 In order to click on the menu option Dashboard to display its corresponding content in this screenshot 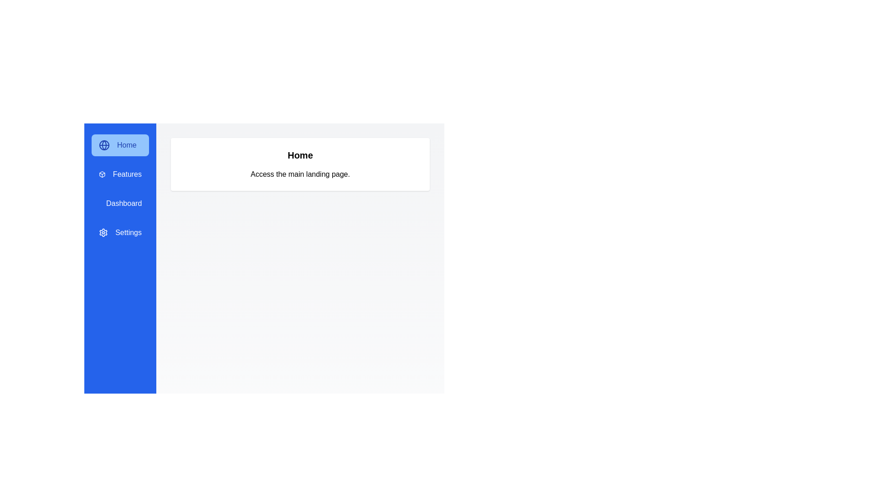, I will do `click(120, 203)`.